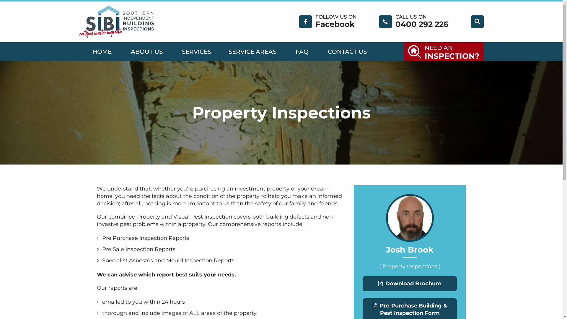 The width and height of the screenshot is (567, 319). What do you see at coordinates (409, 283) in the screenshot?
I see `'Download Brochure'` at bounding box center [409, 283].